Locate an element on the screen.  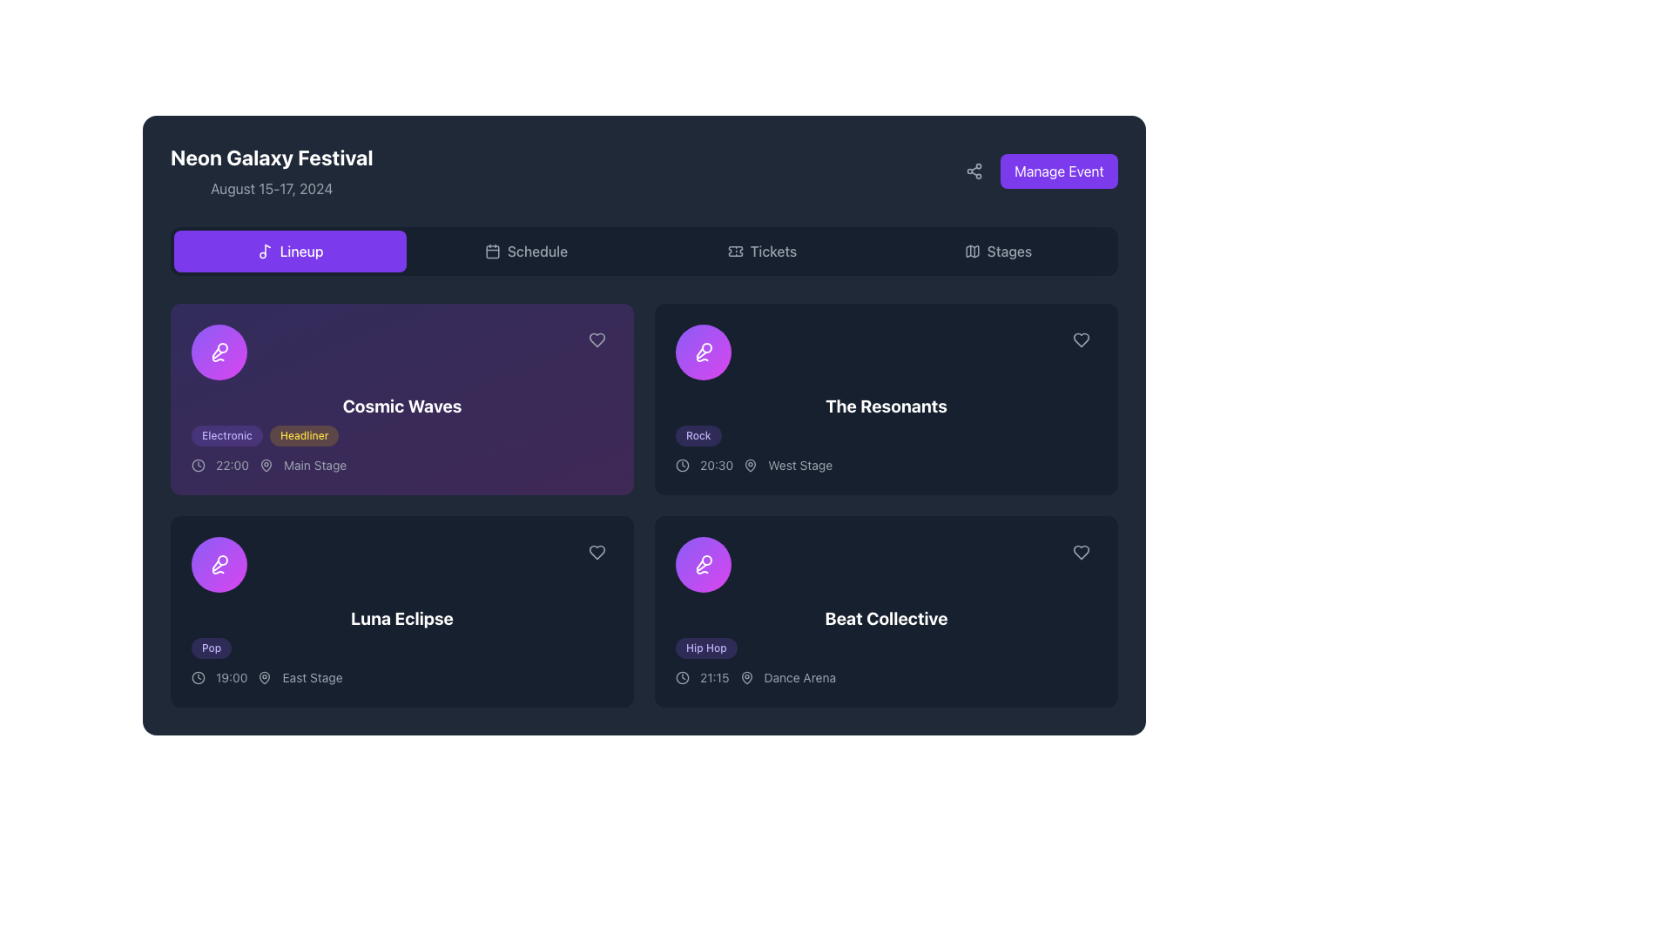
the 'Beat Collective' informational card located in the bottom right corner of the grid is located at coordinates (886, 610).